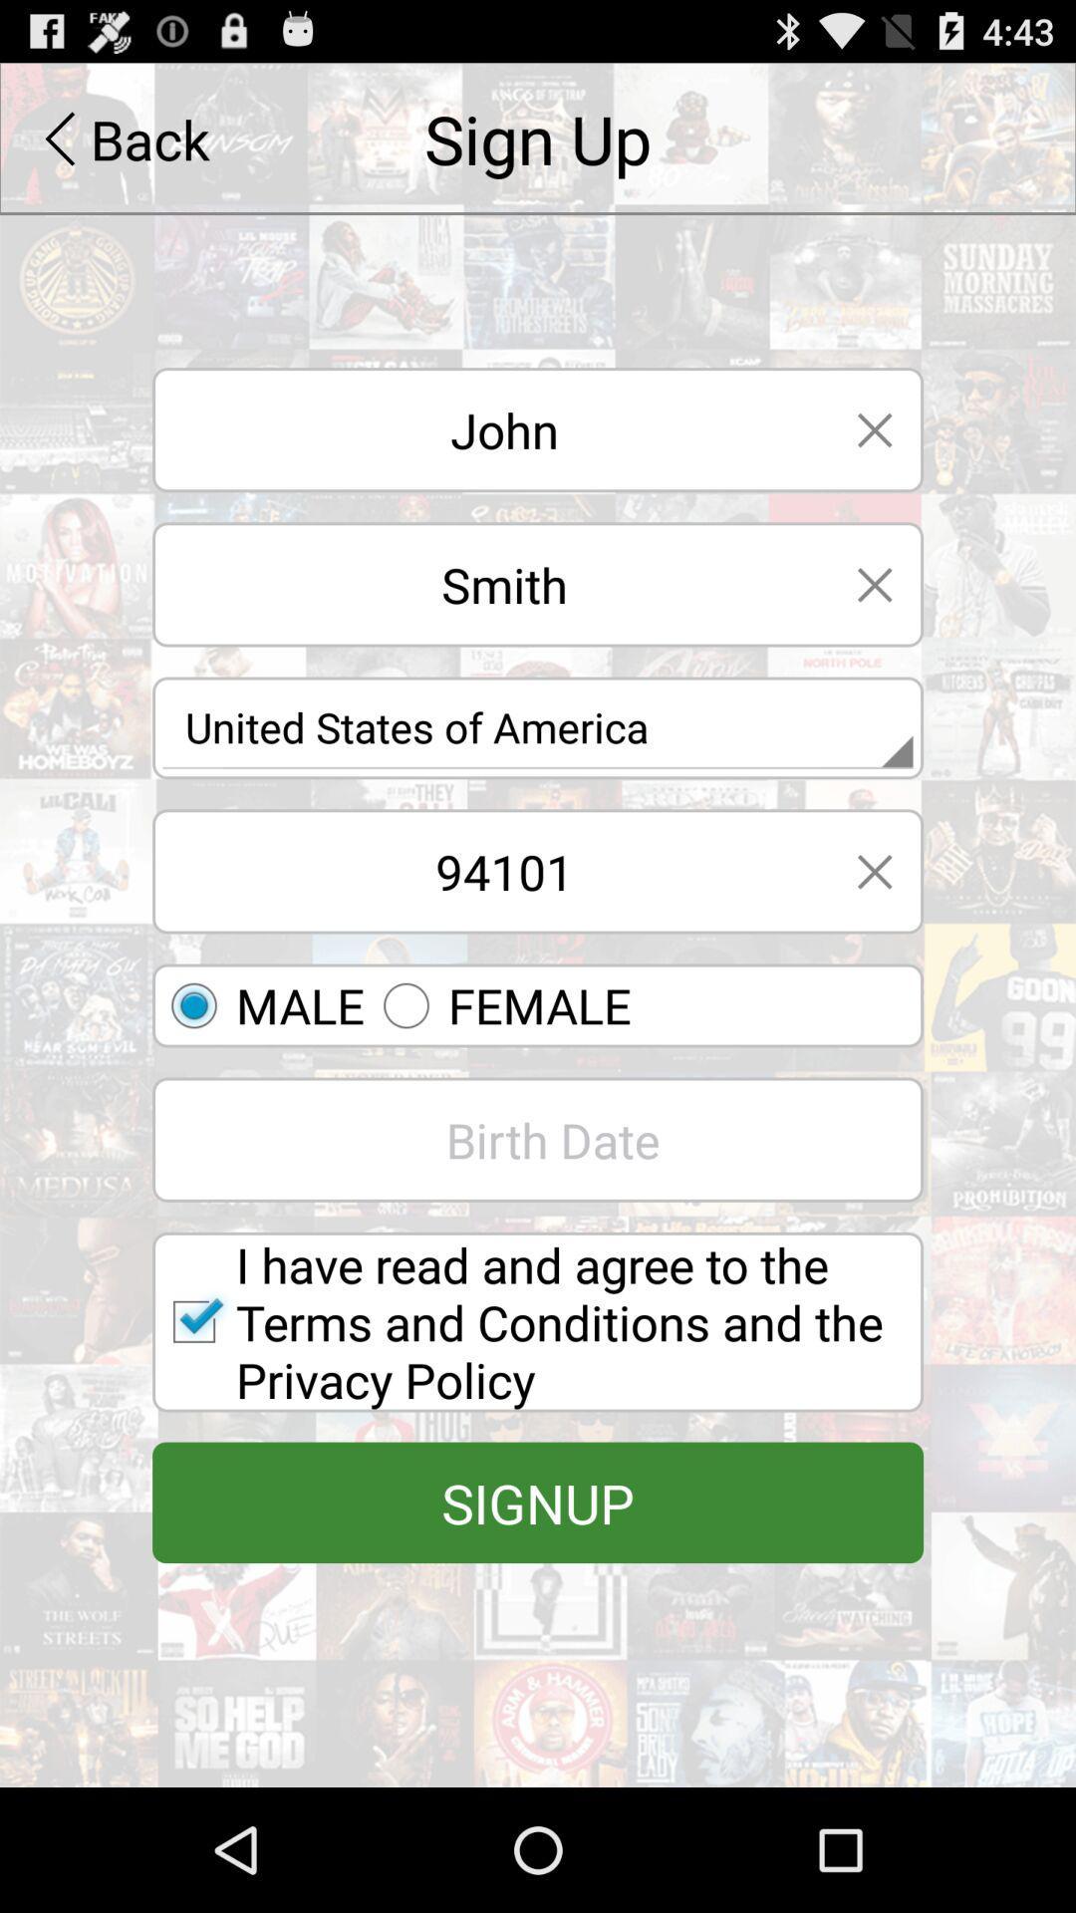 This screenshot has width=1076, height=1913. I want to click on clear field, so click(874, 871).